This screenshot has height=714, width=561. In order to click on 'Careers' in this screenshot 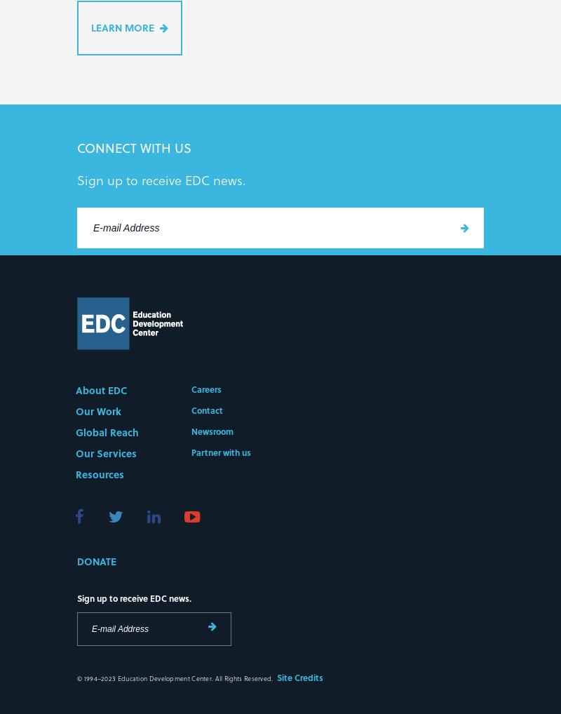, I will do `click(206, 390)`.